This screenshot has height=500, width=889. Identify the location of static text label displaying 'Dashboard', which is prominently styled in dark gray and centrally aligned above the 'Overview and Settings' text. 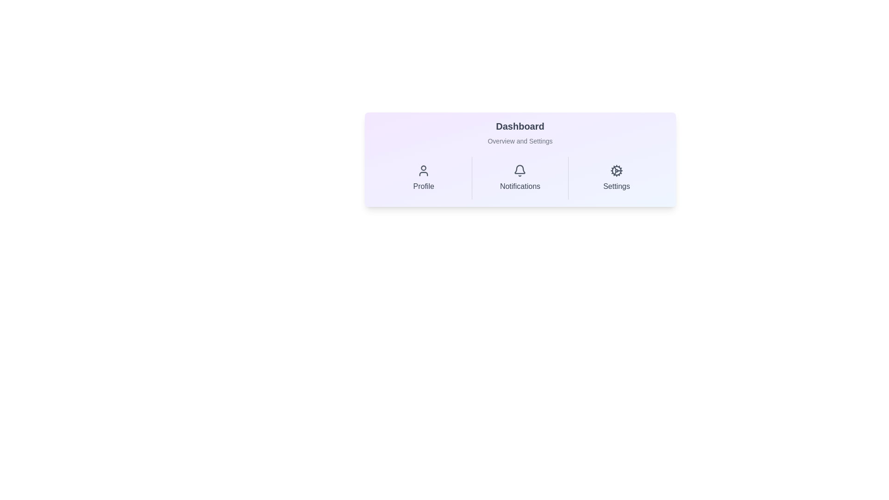
(520, 126).